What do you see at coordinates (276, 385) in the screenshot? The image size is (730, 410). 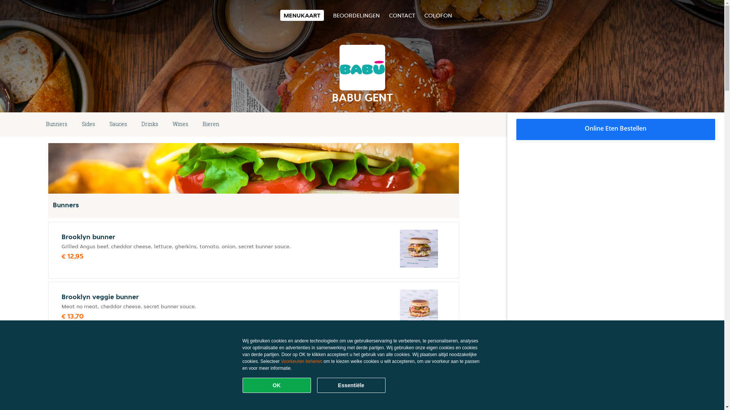 I see `'OK'` at bounding box center [276, 385].